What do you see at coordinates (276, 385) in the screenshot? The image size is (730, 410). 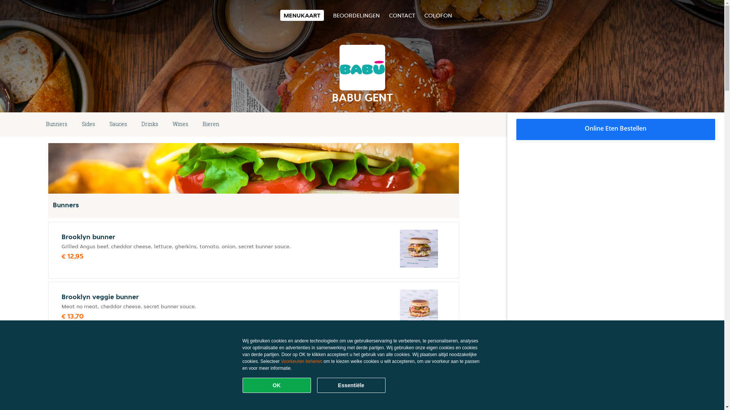 I see `'OK'` at bounding box center [276, 385].